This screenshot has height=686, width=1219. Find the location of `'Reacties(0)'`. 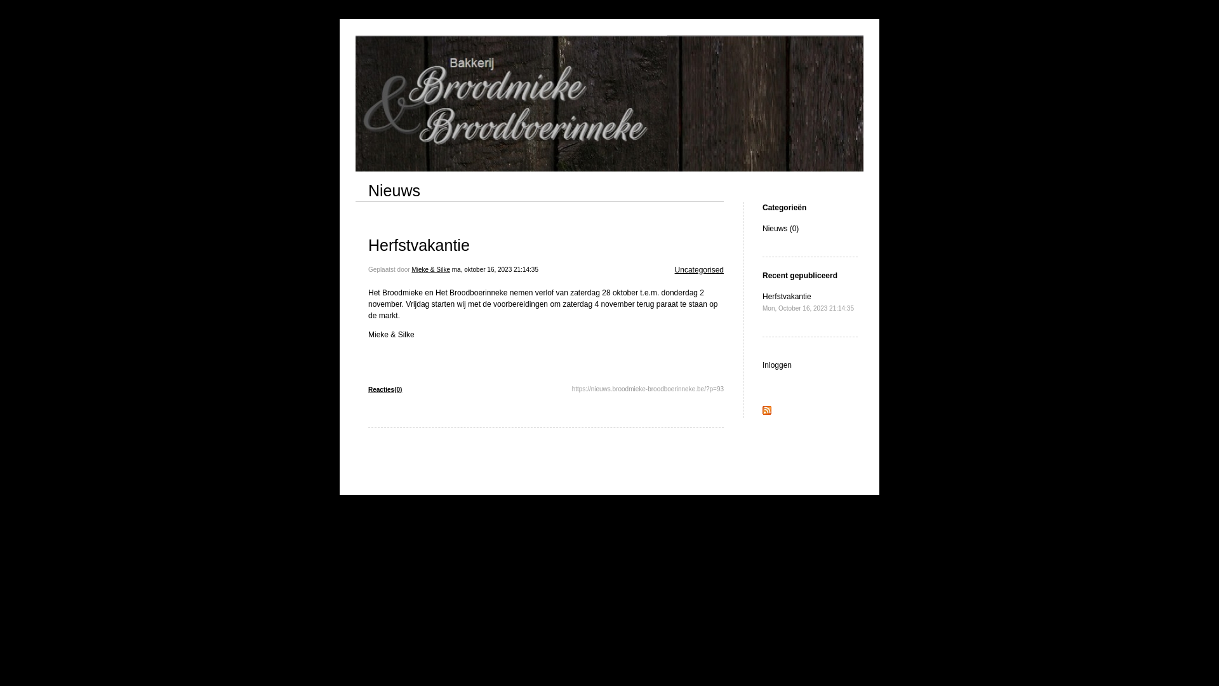

'Reacties(0)' is located at coordinates (384, 389).